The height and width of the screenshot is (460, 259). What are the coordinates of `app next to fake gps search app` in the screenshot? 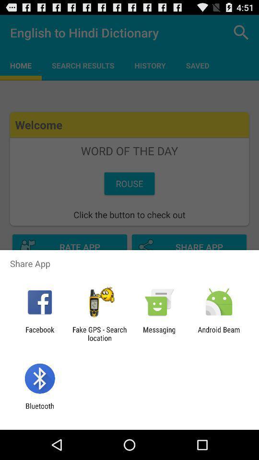 It's located at (39, 333).